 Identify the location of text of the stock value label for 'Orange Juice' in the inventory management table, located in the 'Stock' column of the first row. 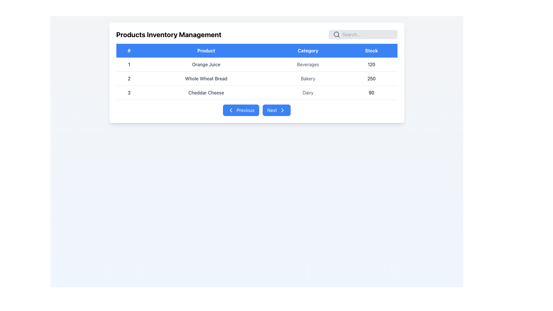
(371, 65).